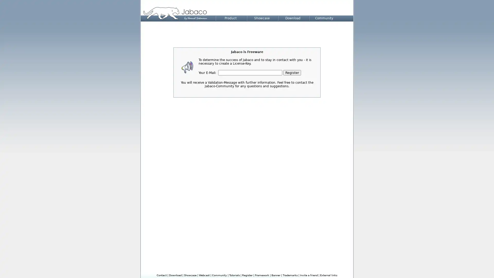 This screenshot has height=278, width=494. Describe the element at coordinates (292, 73) in the screenshot. I see `Register` at that location.